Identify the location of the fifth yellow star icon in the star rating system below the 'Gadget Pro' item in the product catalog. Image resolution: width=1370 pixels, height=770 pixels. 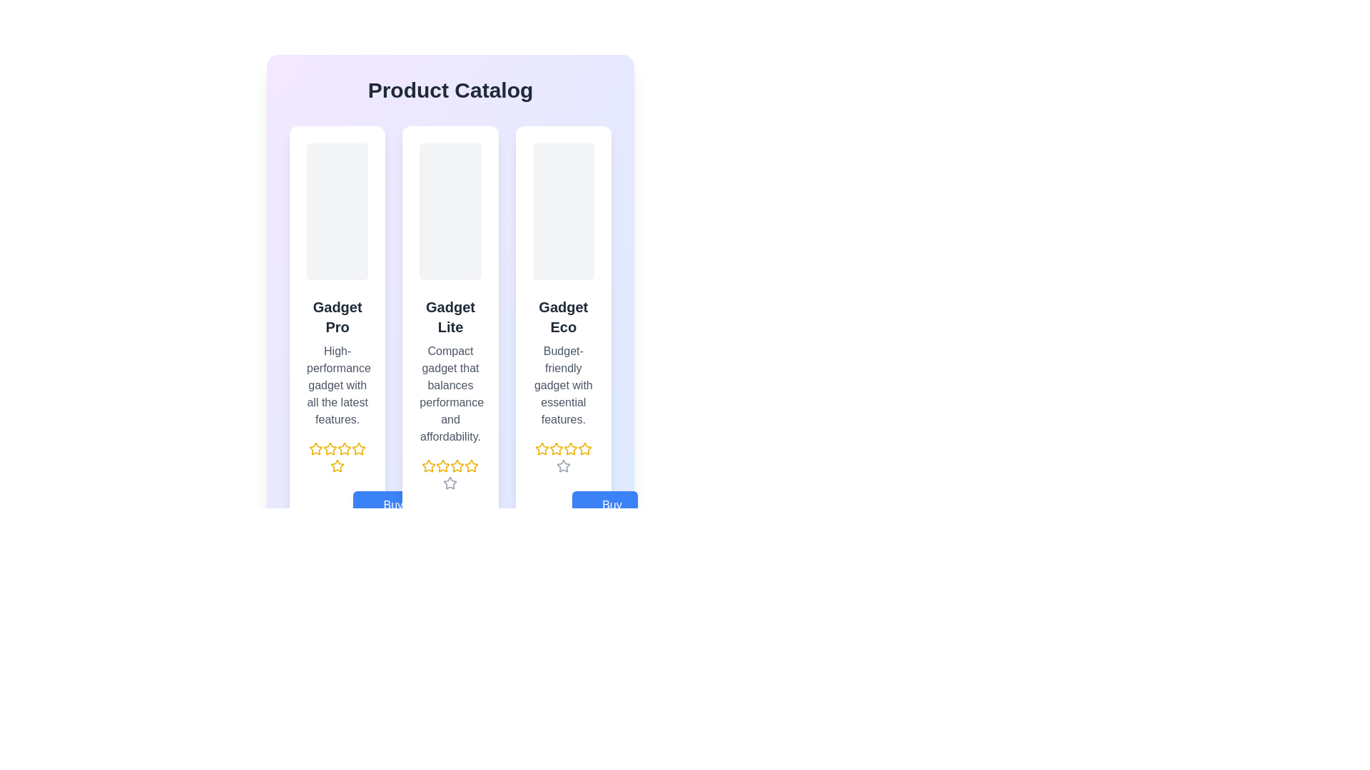
(345, 448).